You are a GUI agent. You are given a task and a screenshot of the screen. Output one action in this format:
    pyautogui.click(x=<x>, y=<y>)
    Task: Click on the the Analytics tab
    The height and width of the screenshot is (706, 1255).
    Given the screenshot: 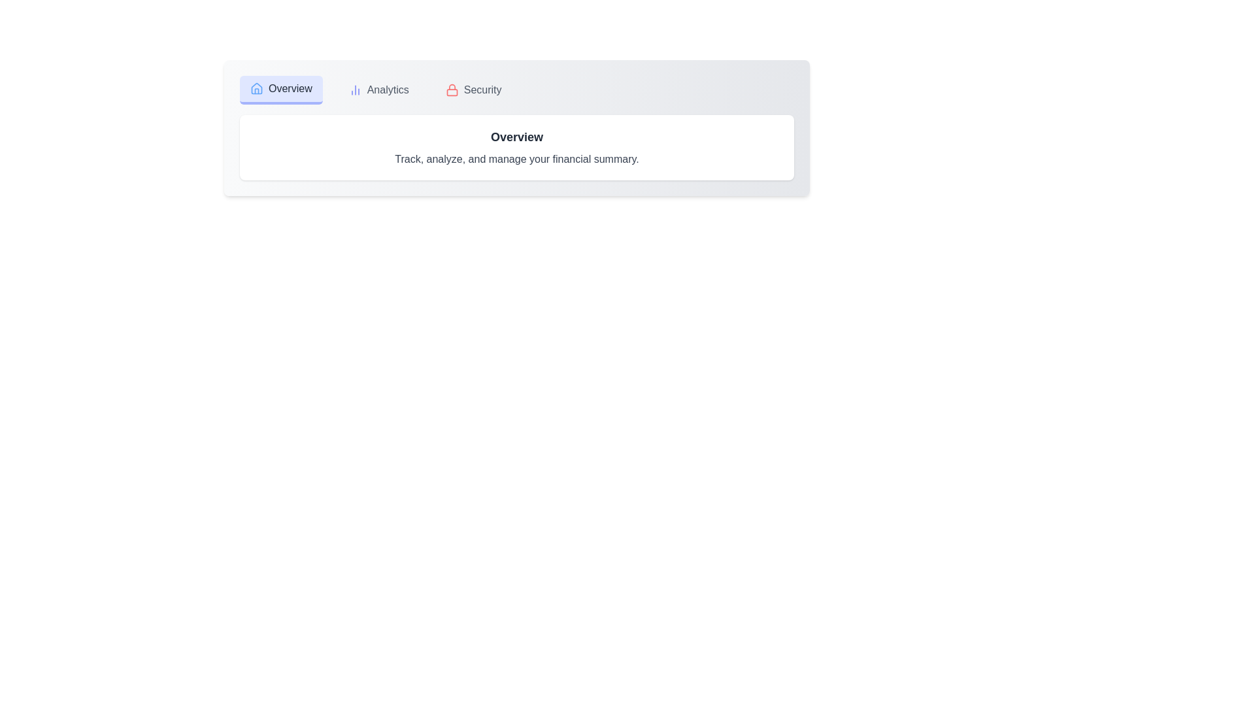 What is the action you would take?
    pyautogui.click(x=378, y=90)
    